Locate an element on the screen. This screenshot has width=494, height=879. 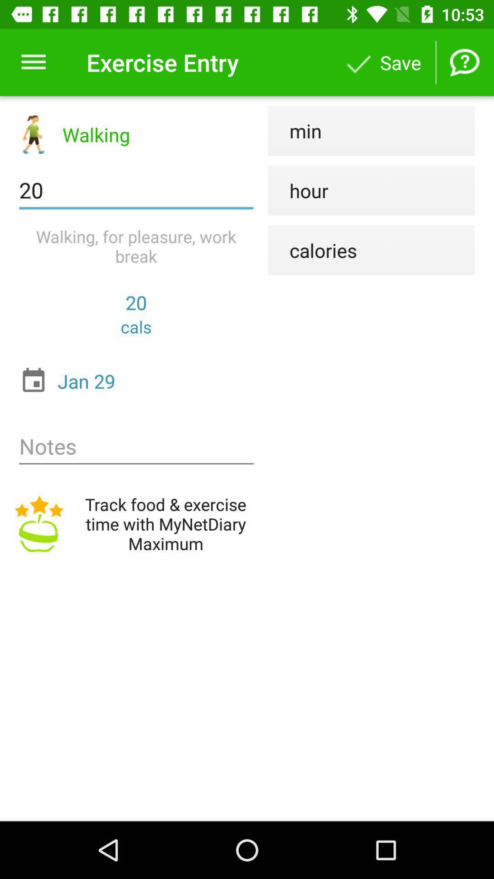
the item to the right of walking item is located at coordinates (295, 130).